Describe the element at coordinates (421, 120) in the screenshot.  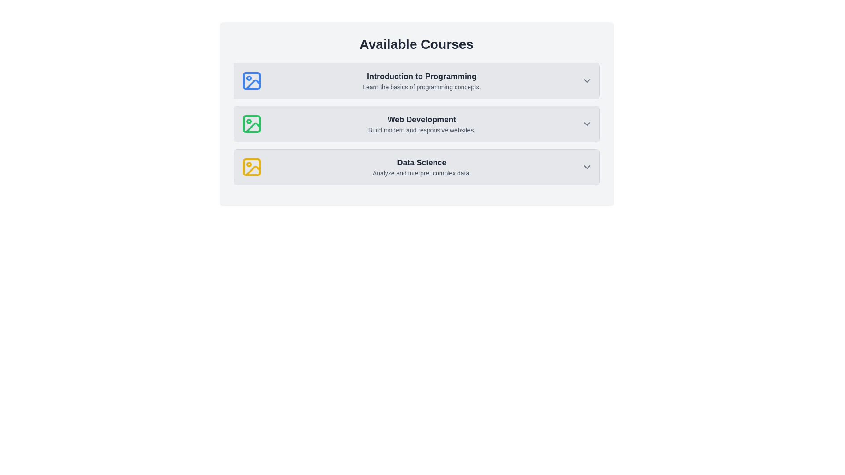
I see `the area near the 'Web Development' course title text label` at that location.